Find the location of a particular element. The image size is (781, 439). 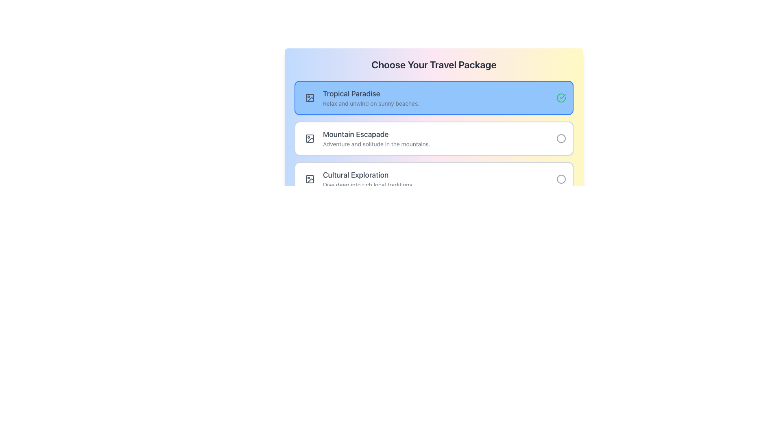

the radio button styled as a circular icon located to the far right of the 'Cultural Exploration' list item, for keyboard navigation is located at coordinates (561, 178).